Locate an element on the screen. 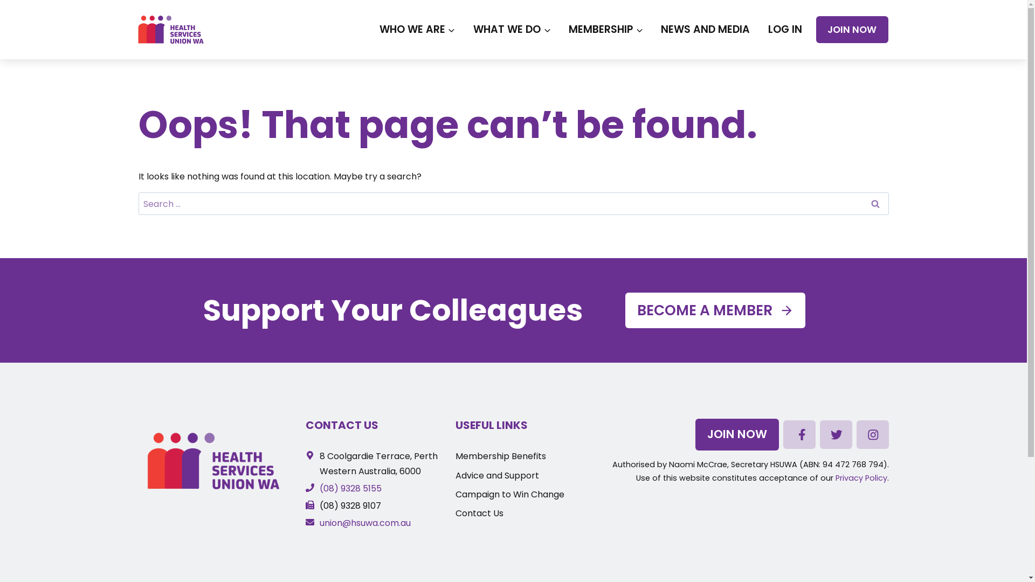 This screenshot has width=1035, height=582. 'Campaign to Win Change' is located at coordinates (455, 494).